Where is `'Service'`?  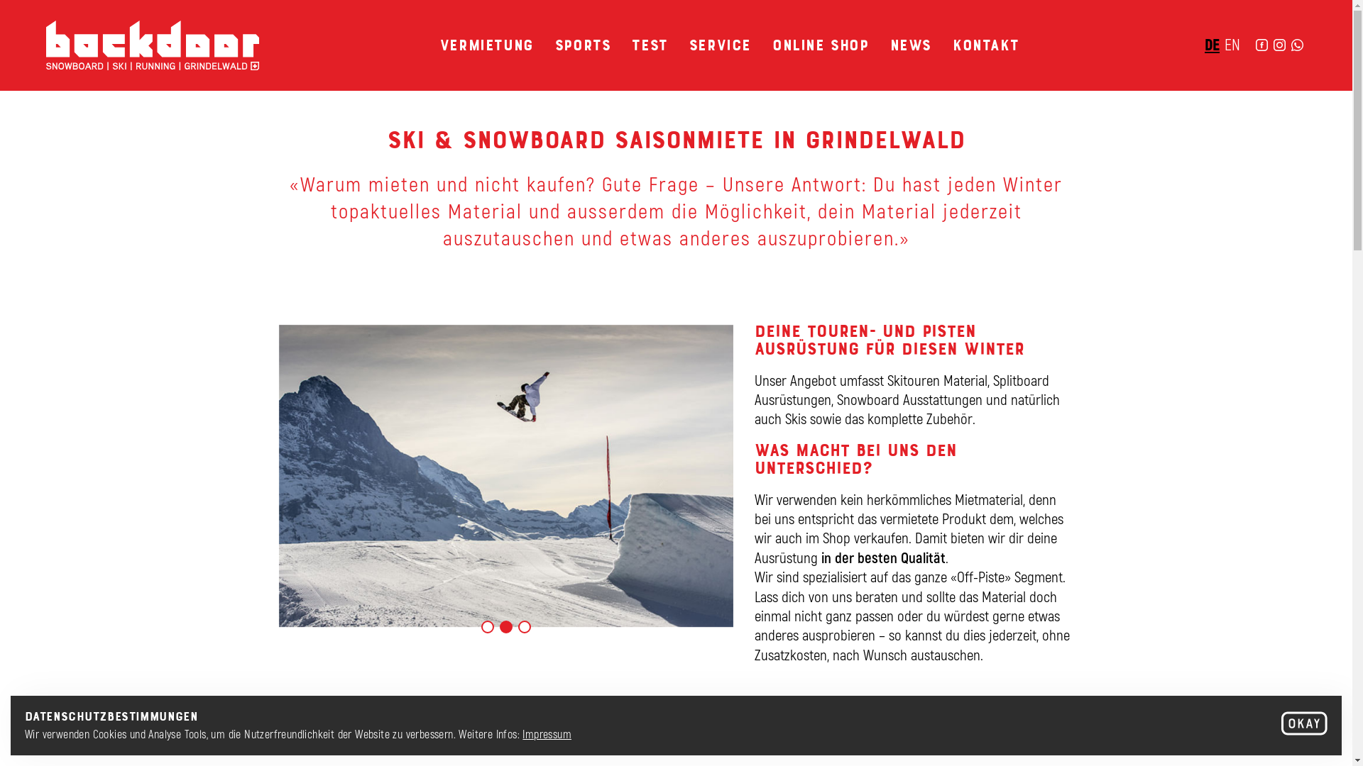
'Service' is located at coordinates (720, 43).